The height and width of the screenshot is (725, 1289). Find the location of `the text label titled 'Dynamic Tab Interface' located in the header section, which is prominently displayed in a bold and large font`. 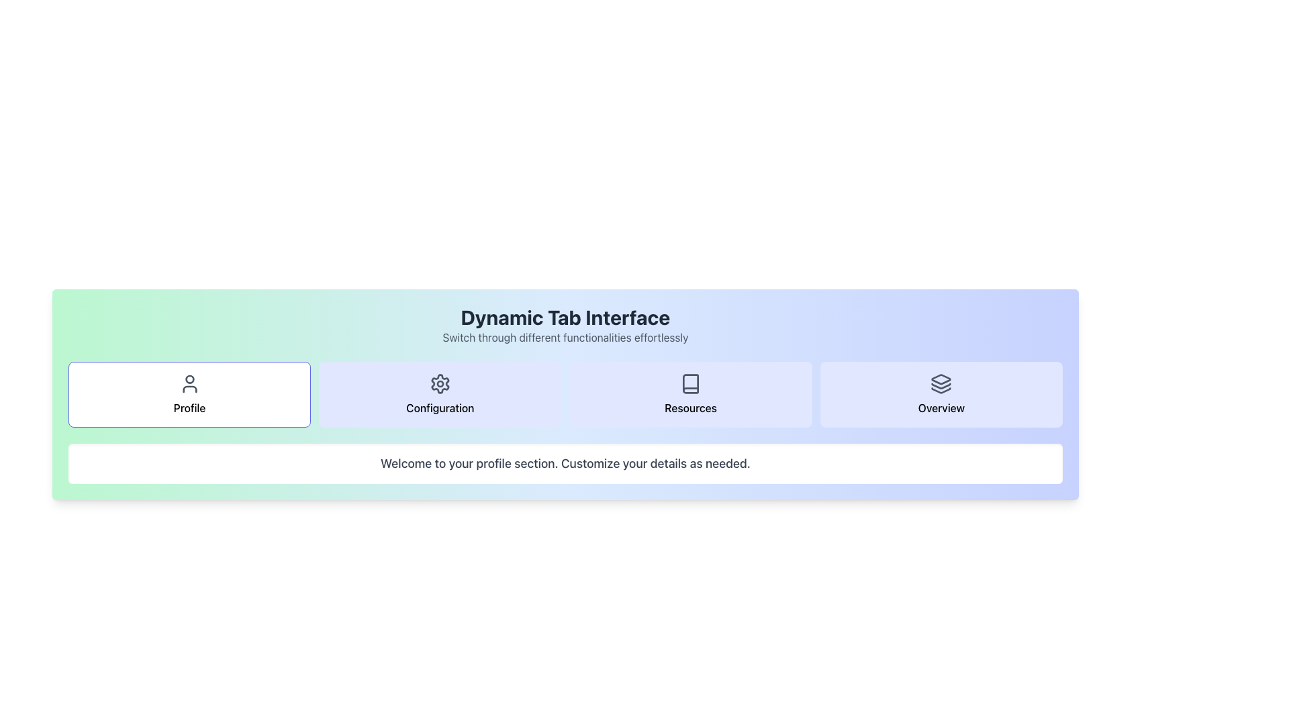

the text label titled 'Dynamic Tab Interface' located in the header section, which is prominently displayed in a bold and large font is located at coordinates (565, 318).